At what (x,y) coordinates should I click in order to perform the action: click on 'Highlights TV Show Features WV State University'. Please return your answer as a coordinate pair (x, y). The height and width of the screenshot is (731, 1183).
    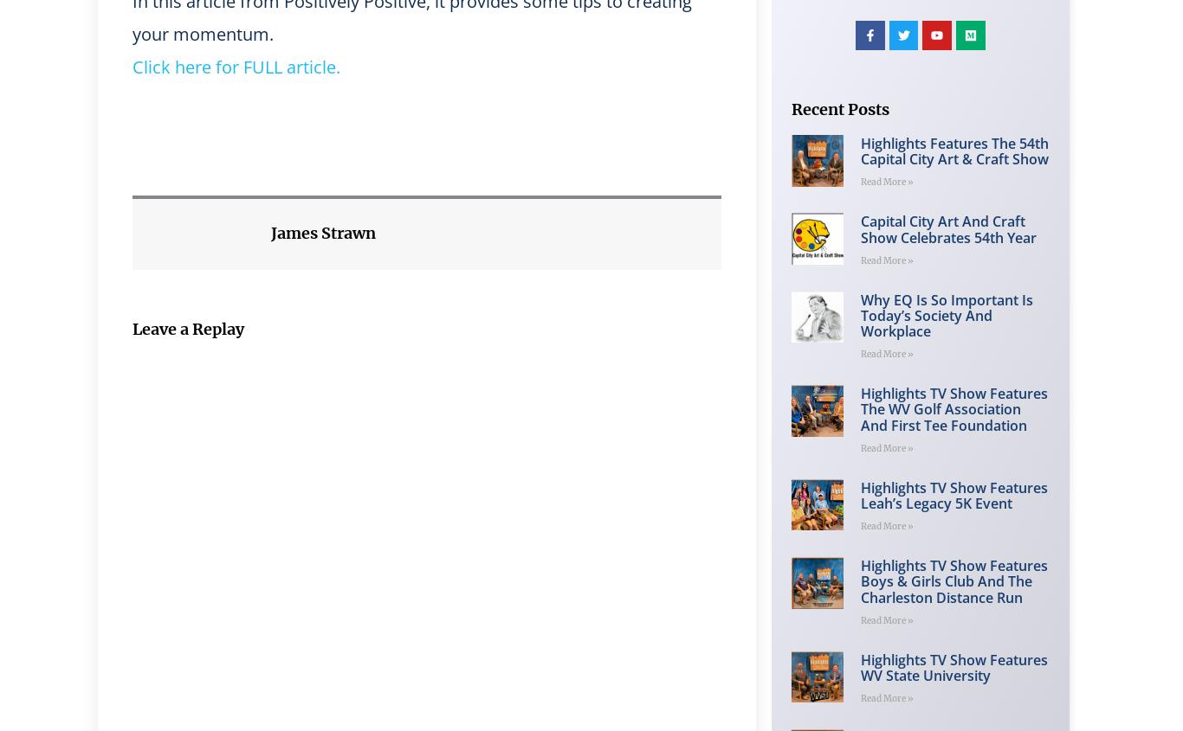
    Looking at the image, I should click on (952, 666).